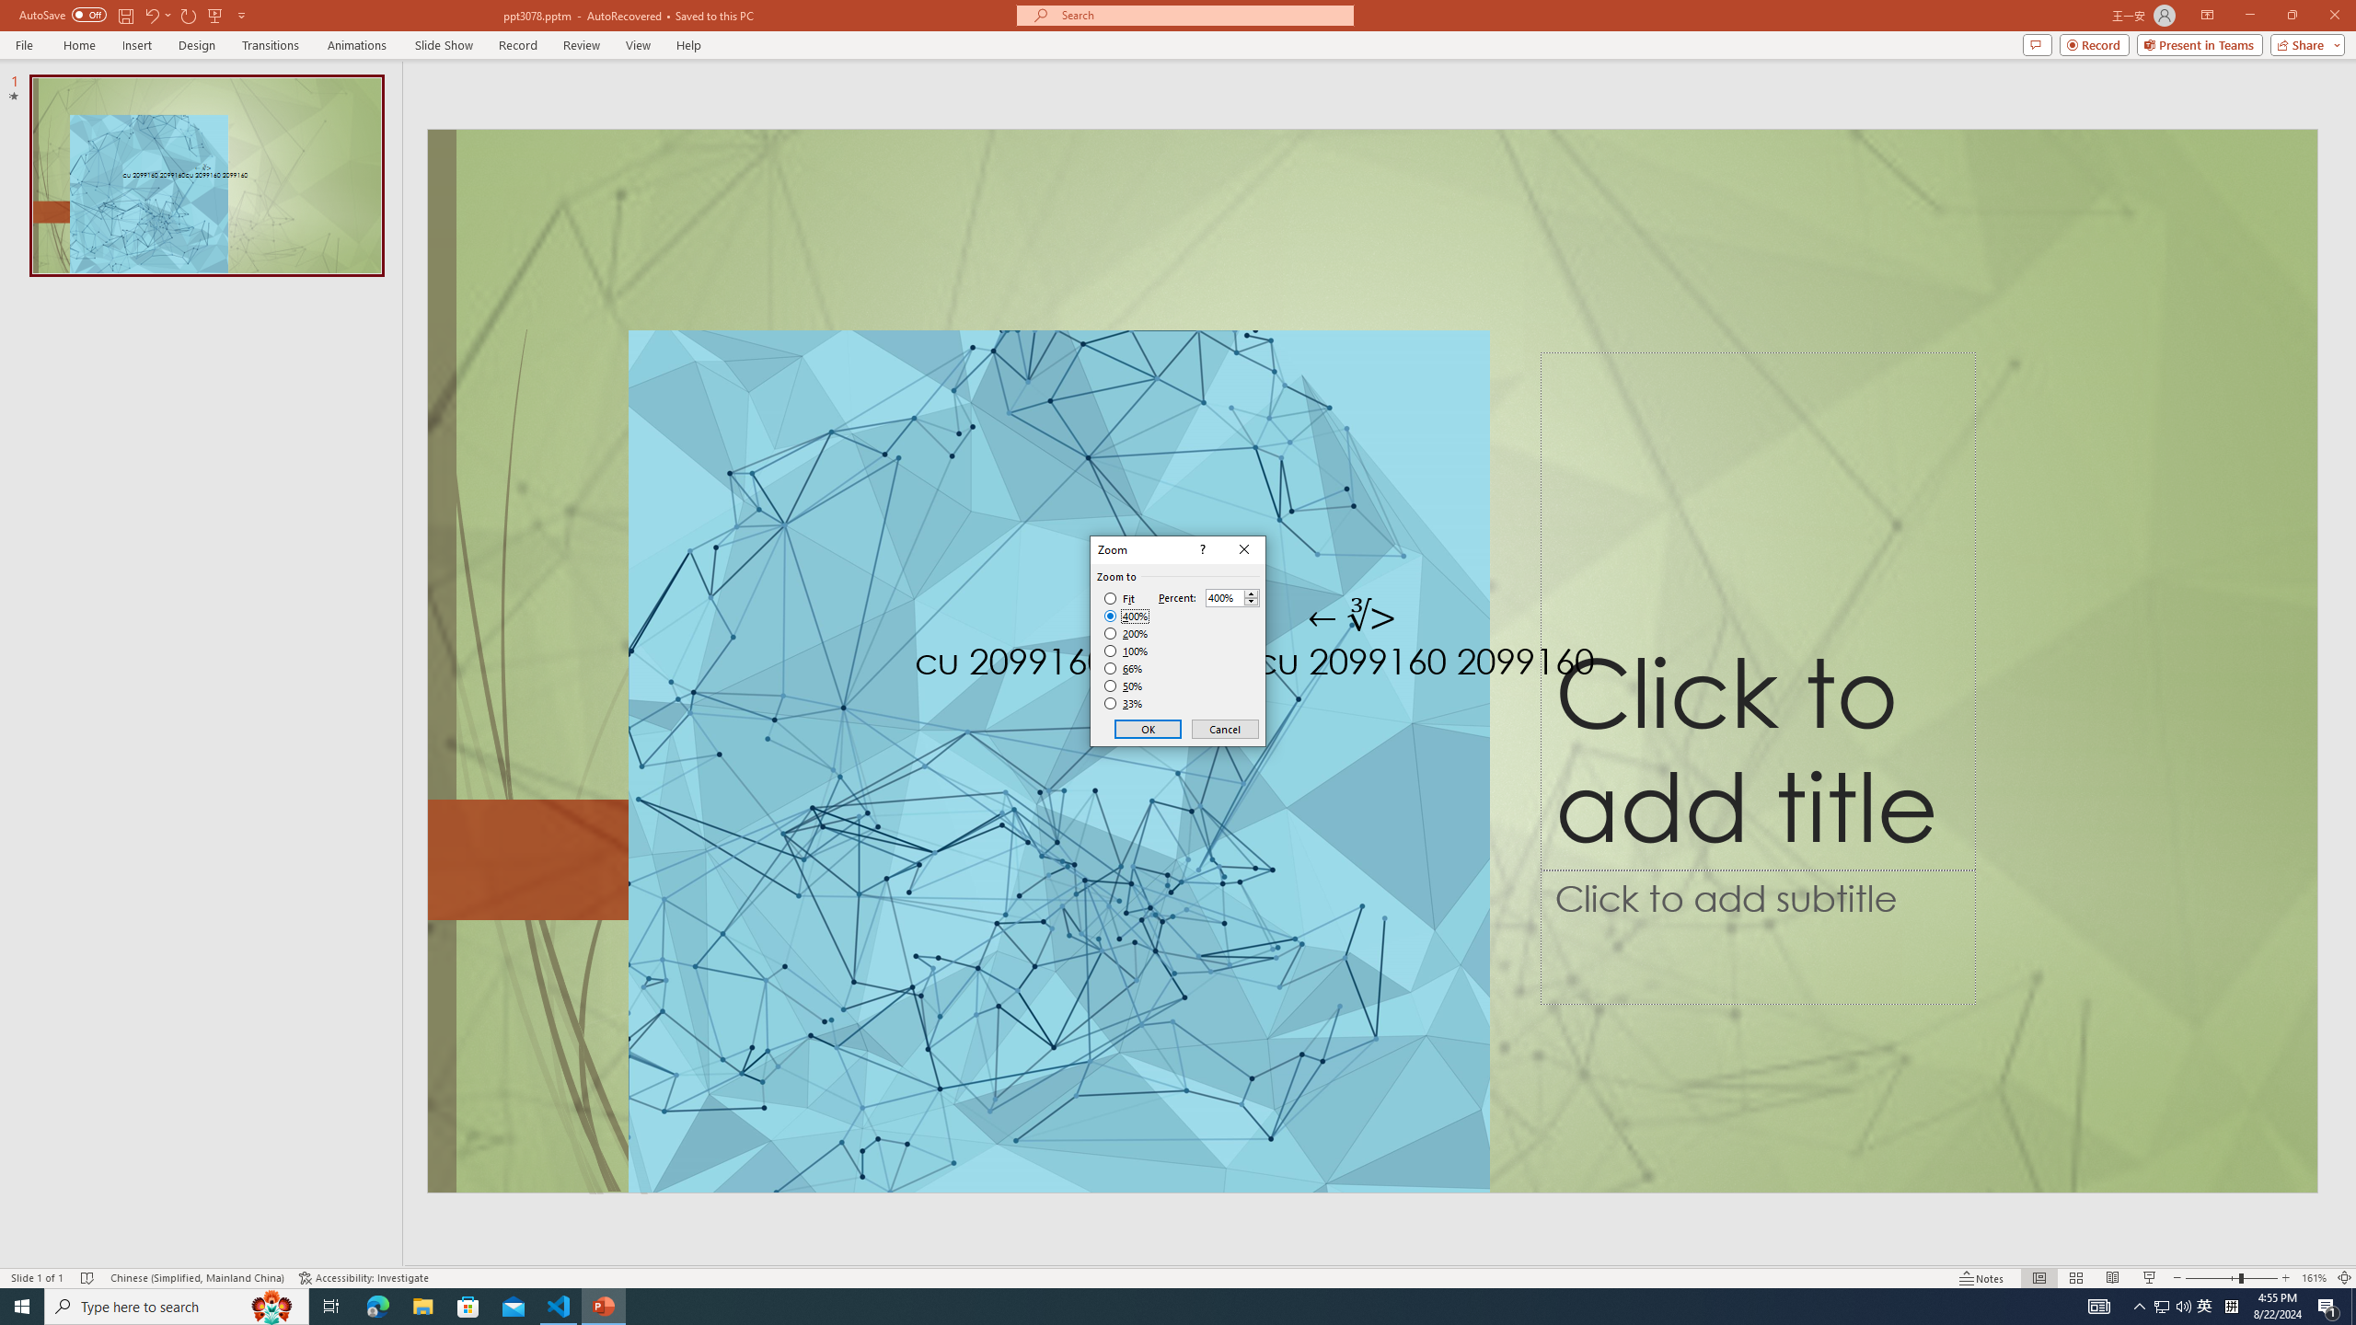  Describe the element at coordinates (1126, 634) in the screenshot. I see `'200%'` at that location.